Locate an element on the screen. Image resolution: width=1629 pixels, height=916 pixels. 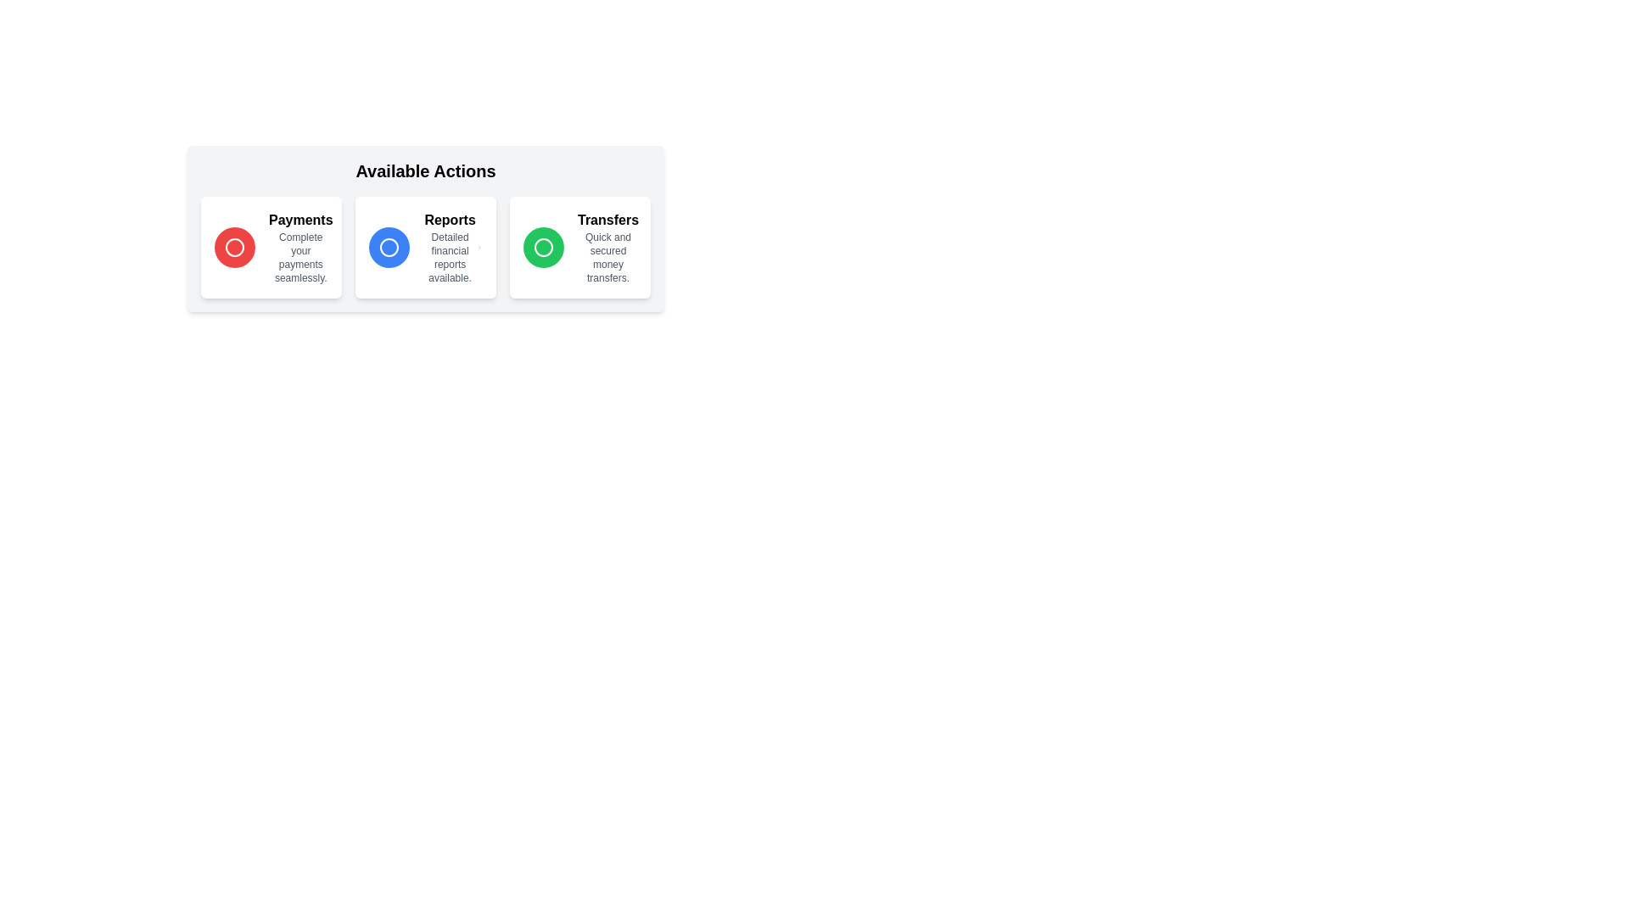
the bold text label displaying 'Transfers' located at the bottom-right of the grid of options, which is part of a card-like item is located at coordinates (607, 219).